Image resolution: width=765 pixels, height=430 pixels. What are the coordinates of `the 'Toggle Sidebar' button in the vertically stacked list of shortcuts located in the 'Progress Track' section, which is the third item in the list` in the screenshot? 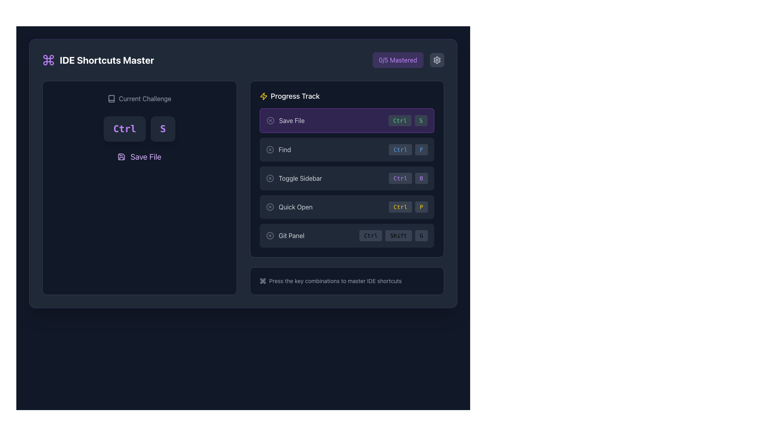 It's located at (347, 178).